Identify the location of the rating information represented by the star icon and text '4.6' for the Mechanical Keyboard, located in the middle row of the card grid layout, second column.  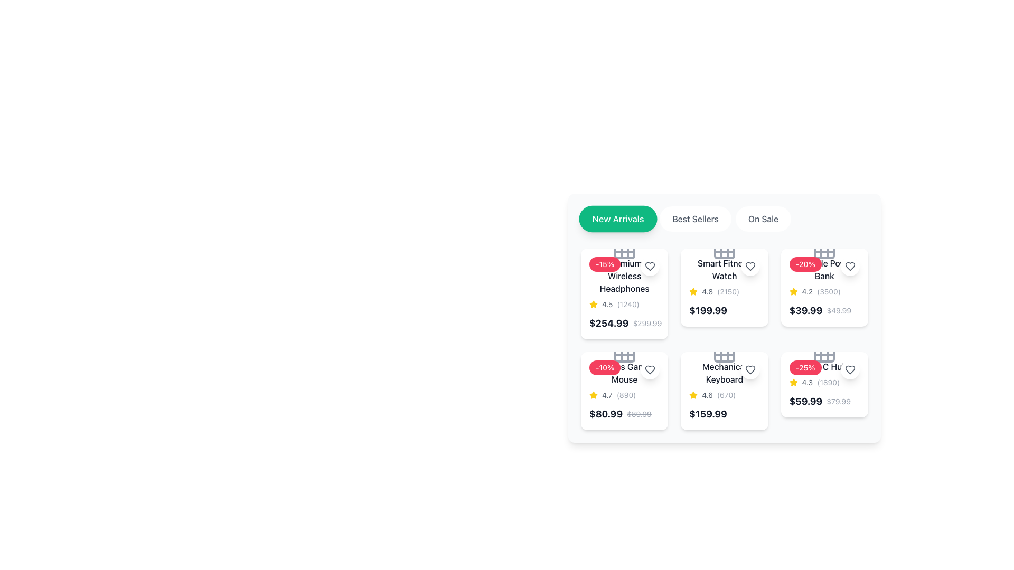
(724, 395).